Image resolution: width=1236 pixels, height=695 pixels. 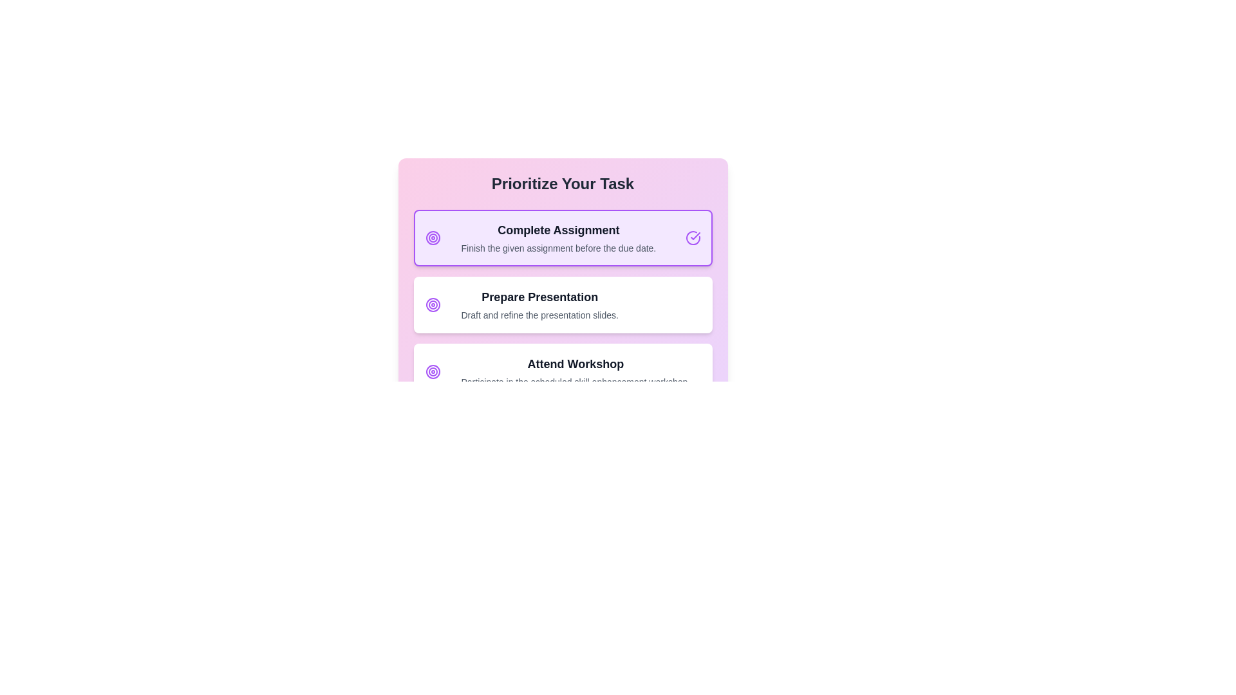 I want to click on the text label that reads 'Finish the given assignment before the due date.' which is located beneath the title 'Complete Assignment', so click(x=558, y=248).